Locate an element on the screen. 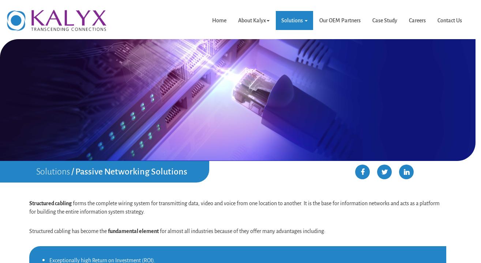 The image size is (481, 263). 'Careers' is located at coordinates (417, 20).